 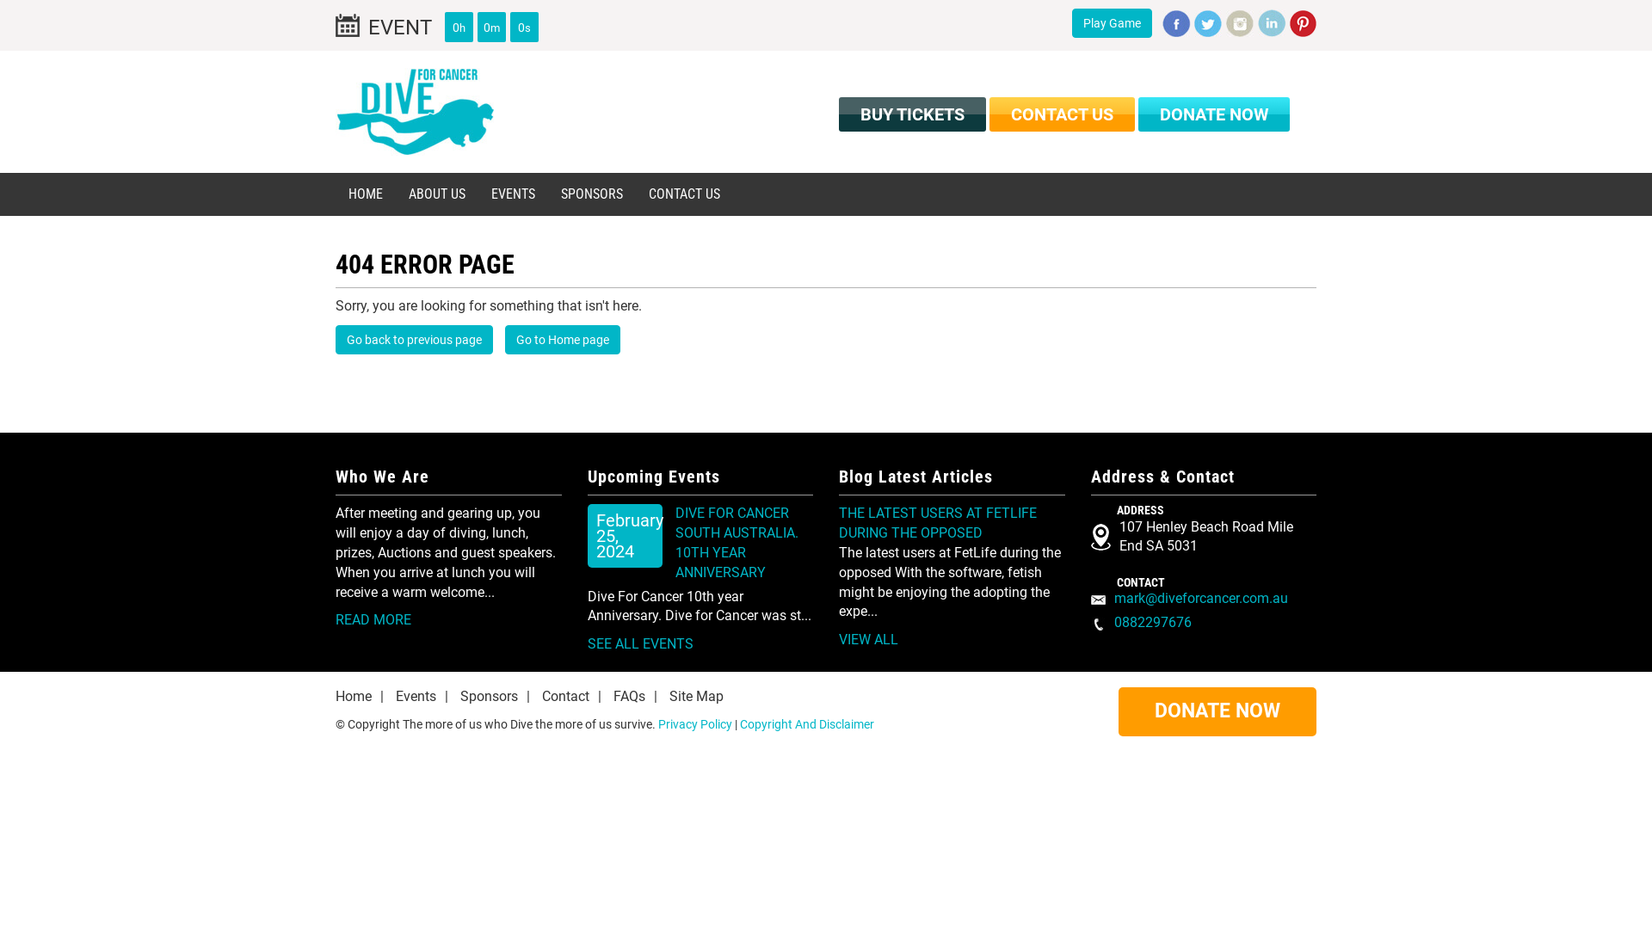 What do you see at coordinates (805, 723) in the screenshot?
I see `'Copyright And Disclaimer'` at bounding box center [805, 723].